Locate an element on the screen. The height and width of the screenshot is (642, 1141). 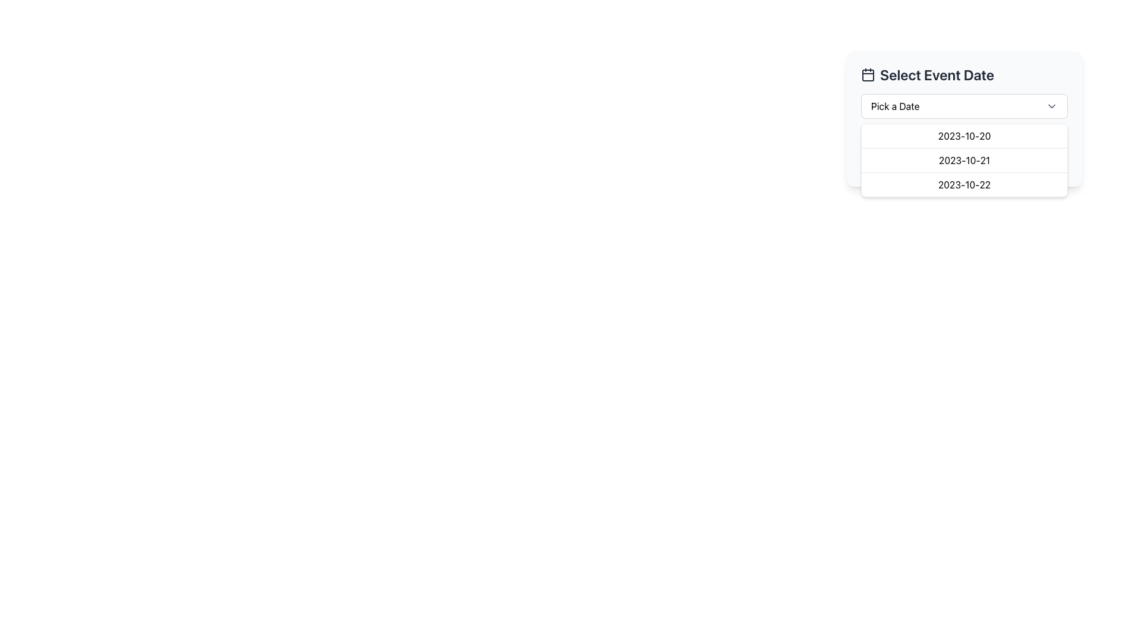
the downward-pointing chevron icon of the Dropdown Indicator located within the 'Pick a Date' box is located at coordinates (1052, 105).